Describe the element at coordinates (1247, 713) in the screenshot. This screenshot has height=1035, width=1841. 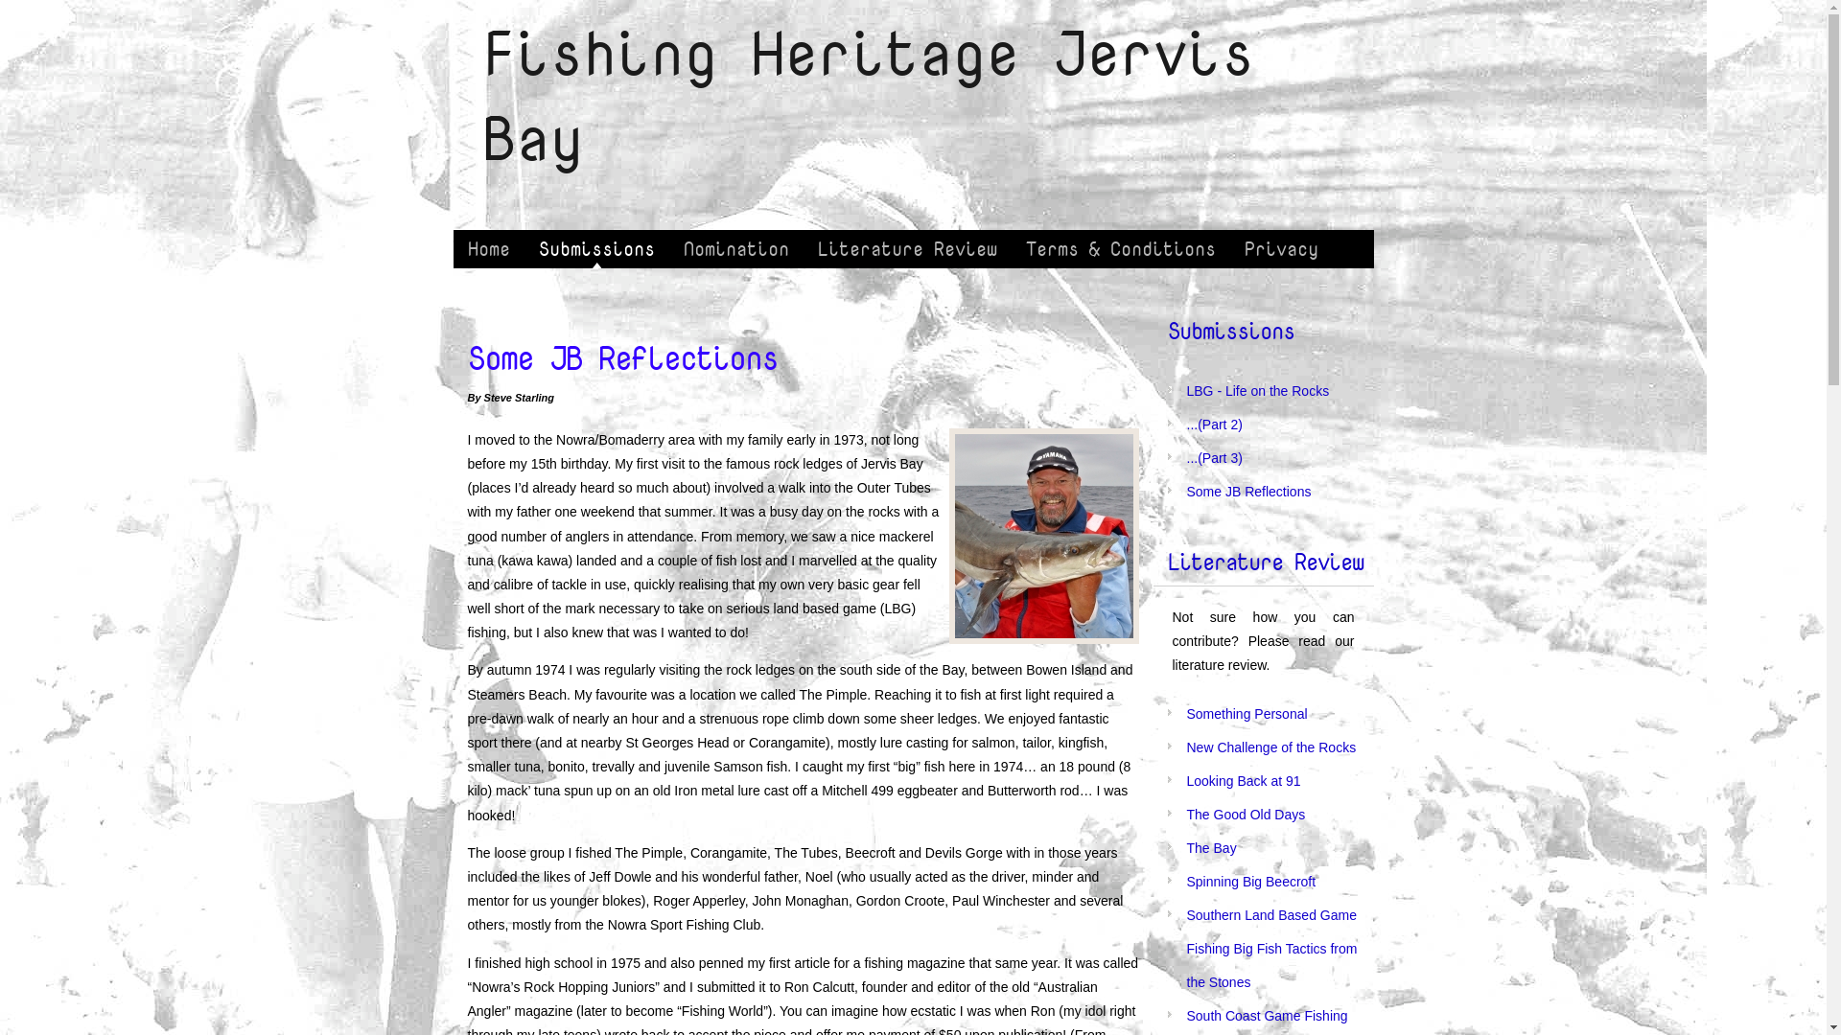
I see `'Something Personal'` at that location.